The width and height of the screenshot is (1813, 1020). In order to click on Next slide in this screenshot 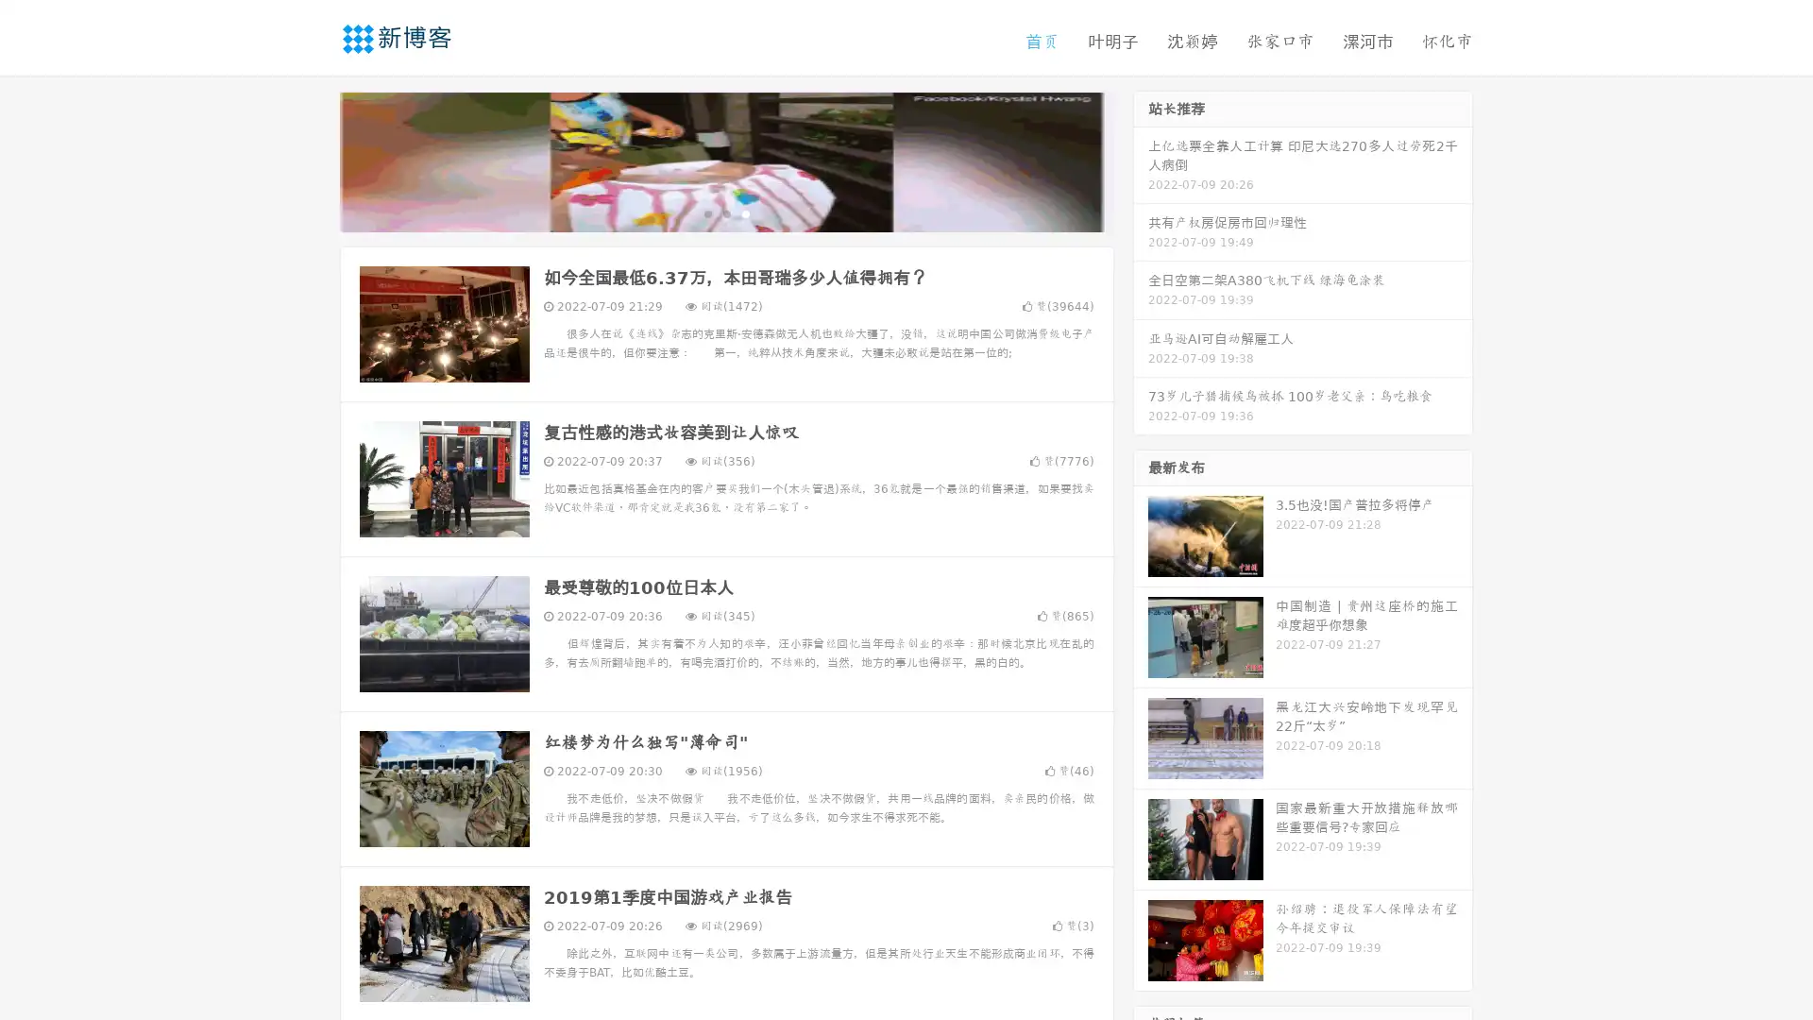, I will do `click(1141, 159)`.